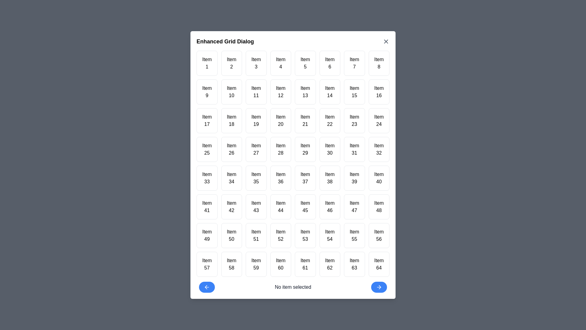  I want to click on the right arrow button to navigate to the next page, so click(378, 287).